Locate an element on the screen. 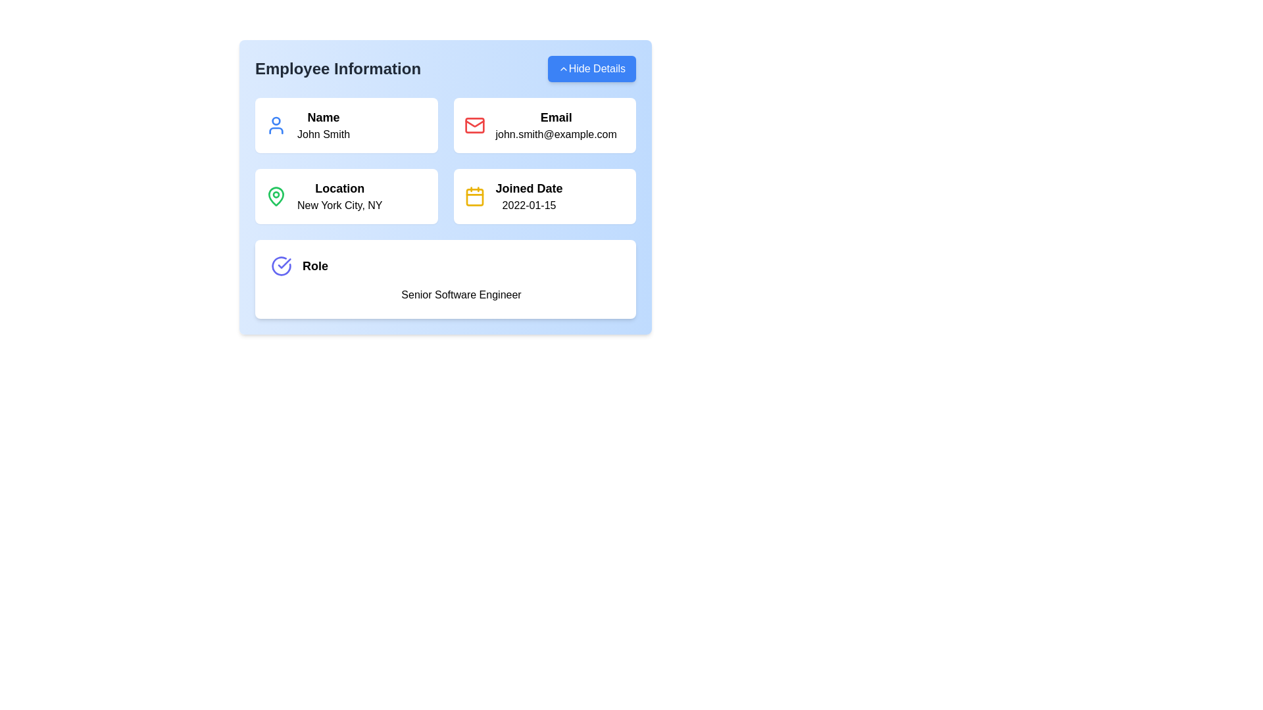 This screenshot has width=1263, height=710. joining date information from the panel displaying 'Joined Date' and the date '2022-01-15', located in the bottom-right quadrant of the employee details grid is located at coordinates (545, 197).